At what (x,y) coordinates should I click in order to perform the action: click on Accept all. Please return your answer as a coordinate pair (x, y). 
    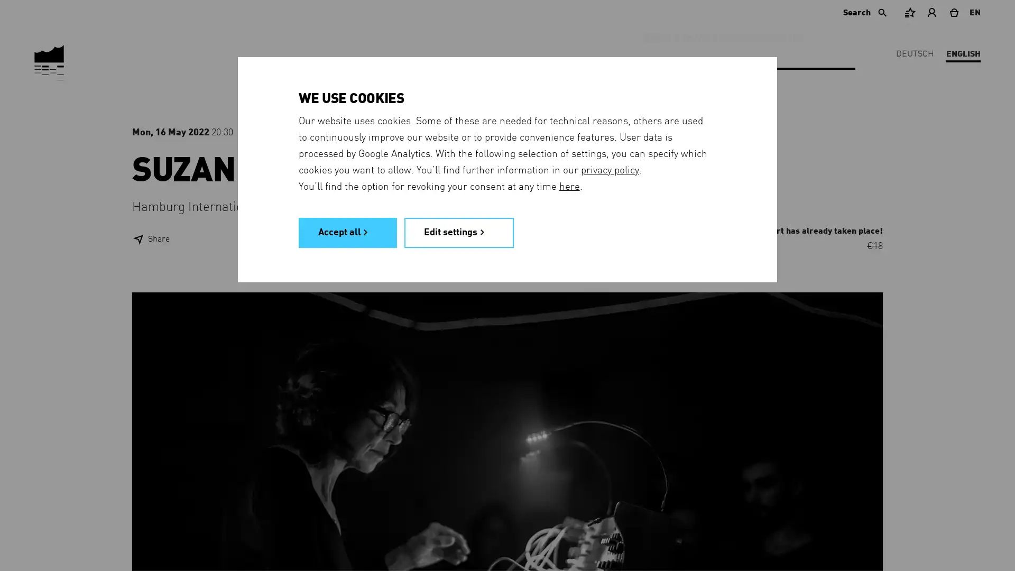
    Looking at the image, I should click on (347, 232).